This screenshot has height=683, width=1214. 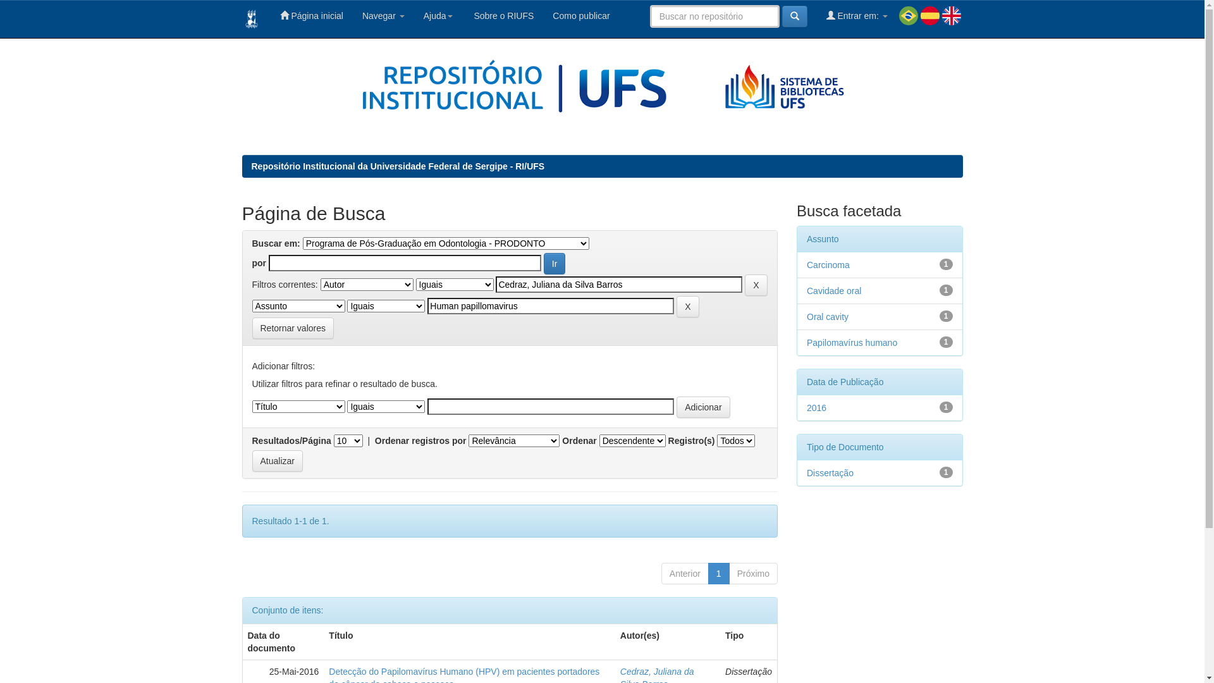 What do you see at coordinates (276, 461) in the screenshot?
I see `'Atualizar'` at bounding box center [276, 461].